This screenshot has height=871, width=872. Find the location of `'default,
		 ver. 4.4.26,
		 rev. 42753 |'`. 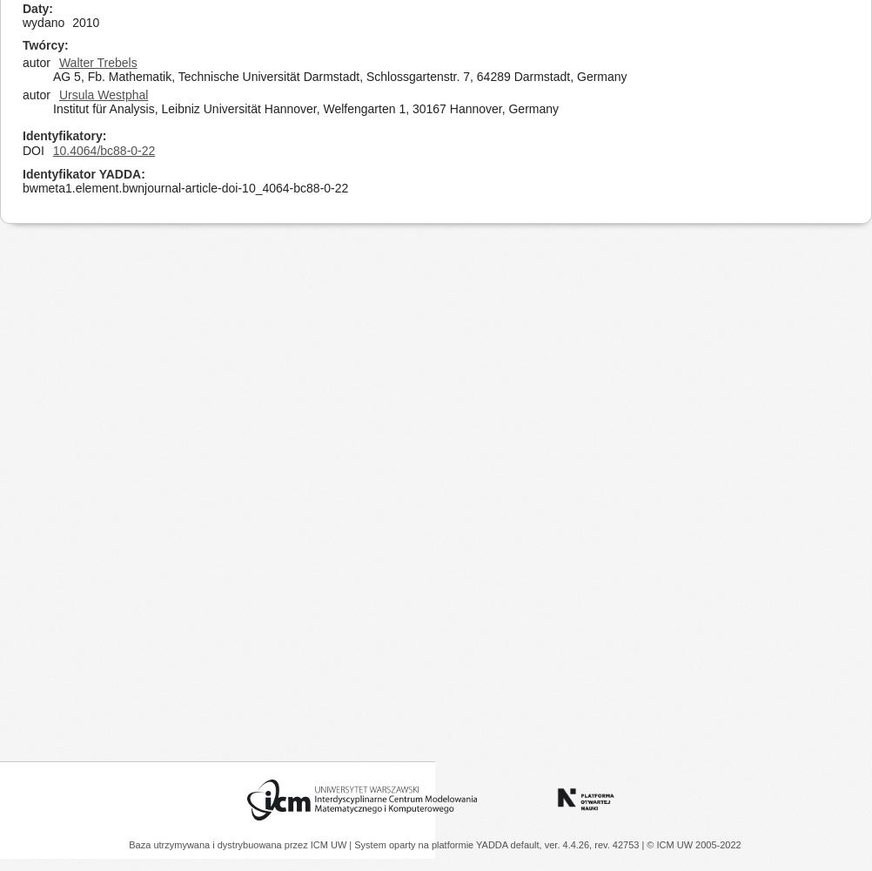

'default,
		 ver. 4.4.26,
		 rev. 42753 |' is located at coordinates (577, 844).